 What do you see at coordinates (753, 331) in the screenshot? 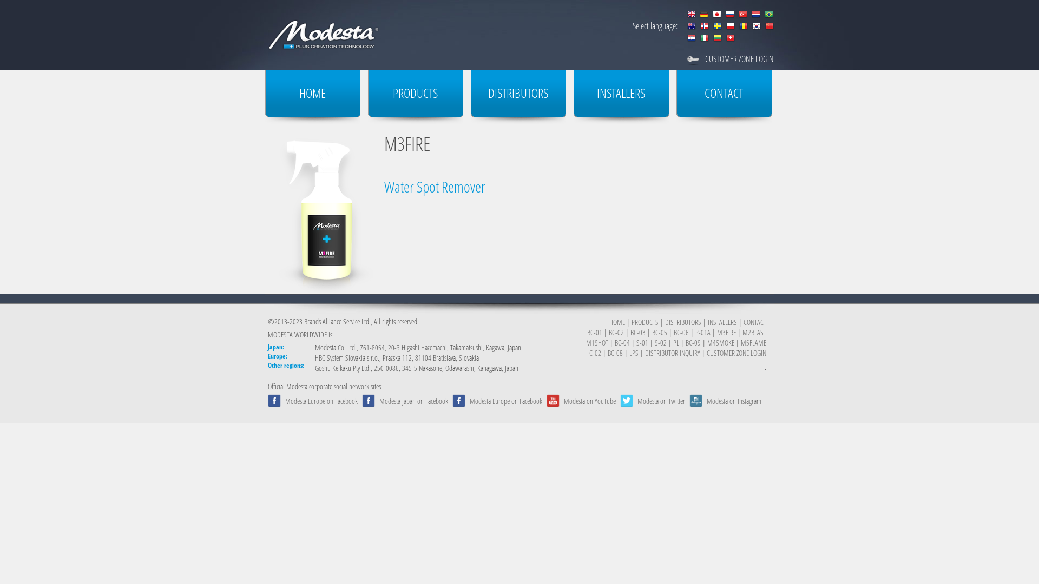
I see `'M2BLAST'` at bounding box center [753, 331].